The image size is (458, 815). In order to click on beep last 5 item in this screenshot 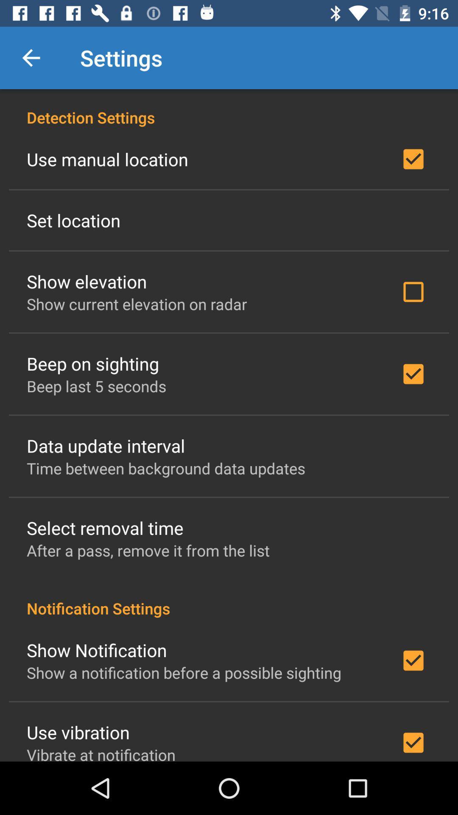, I will do `click(96, 385)`.